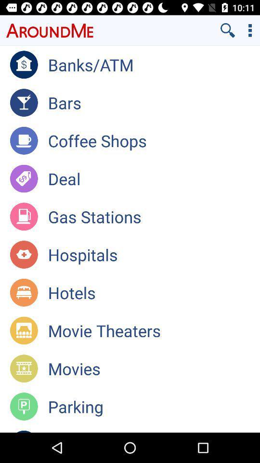 The height and width of the screenshot is (463, 260). What do you see at coordinates (154, 103) in the screenshot?
I see `icon above the coffee shops item` at bounding box center [154, 103].